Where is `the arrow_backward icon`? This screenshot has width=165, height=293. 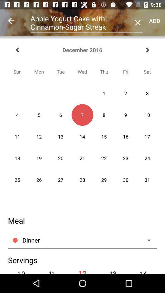 the arrow_backward icon is located at coordinates (17, 50).